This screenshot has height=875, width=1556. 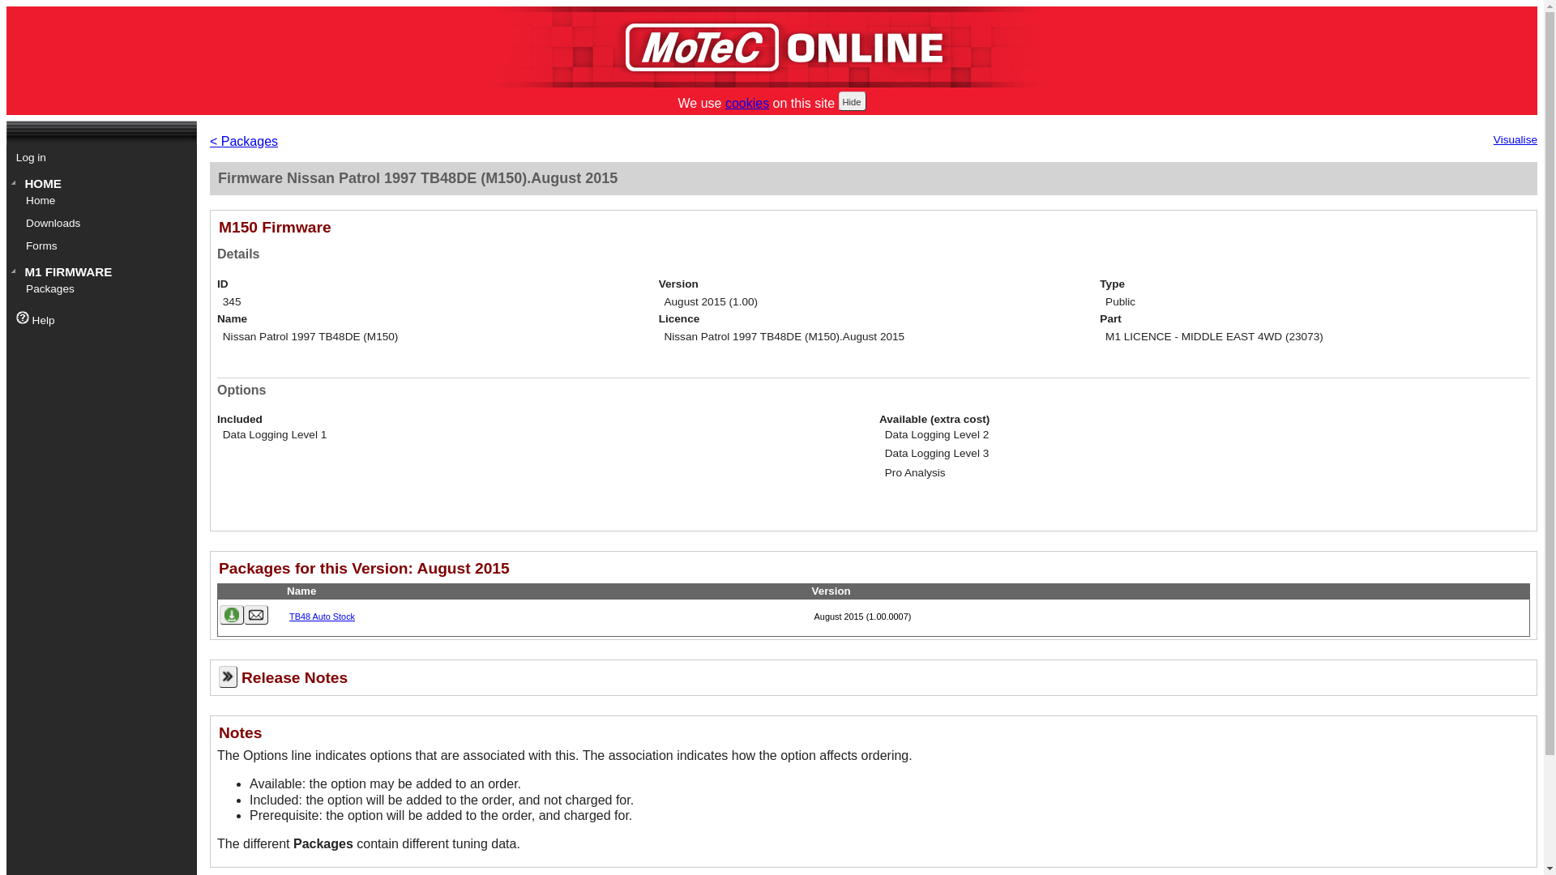 What do you see at coordinates (851, 100) in the screenshot?
I see `'Hide'` at bounding box center [851, 100].